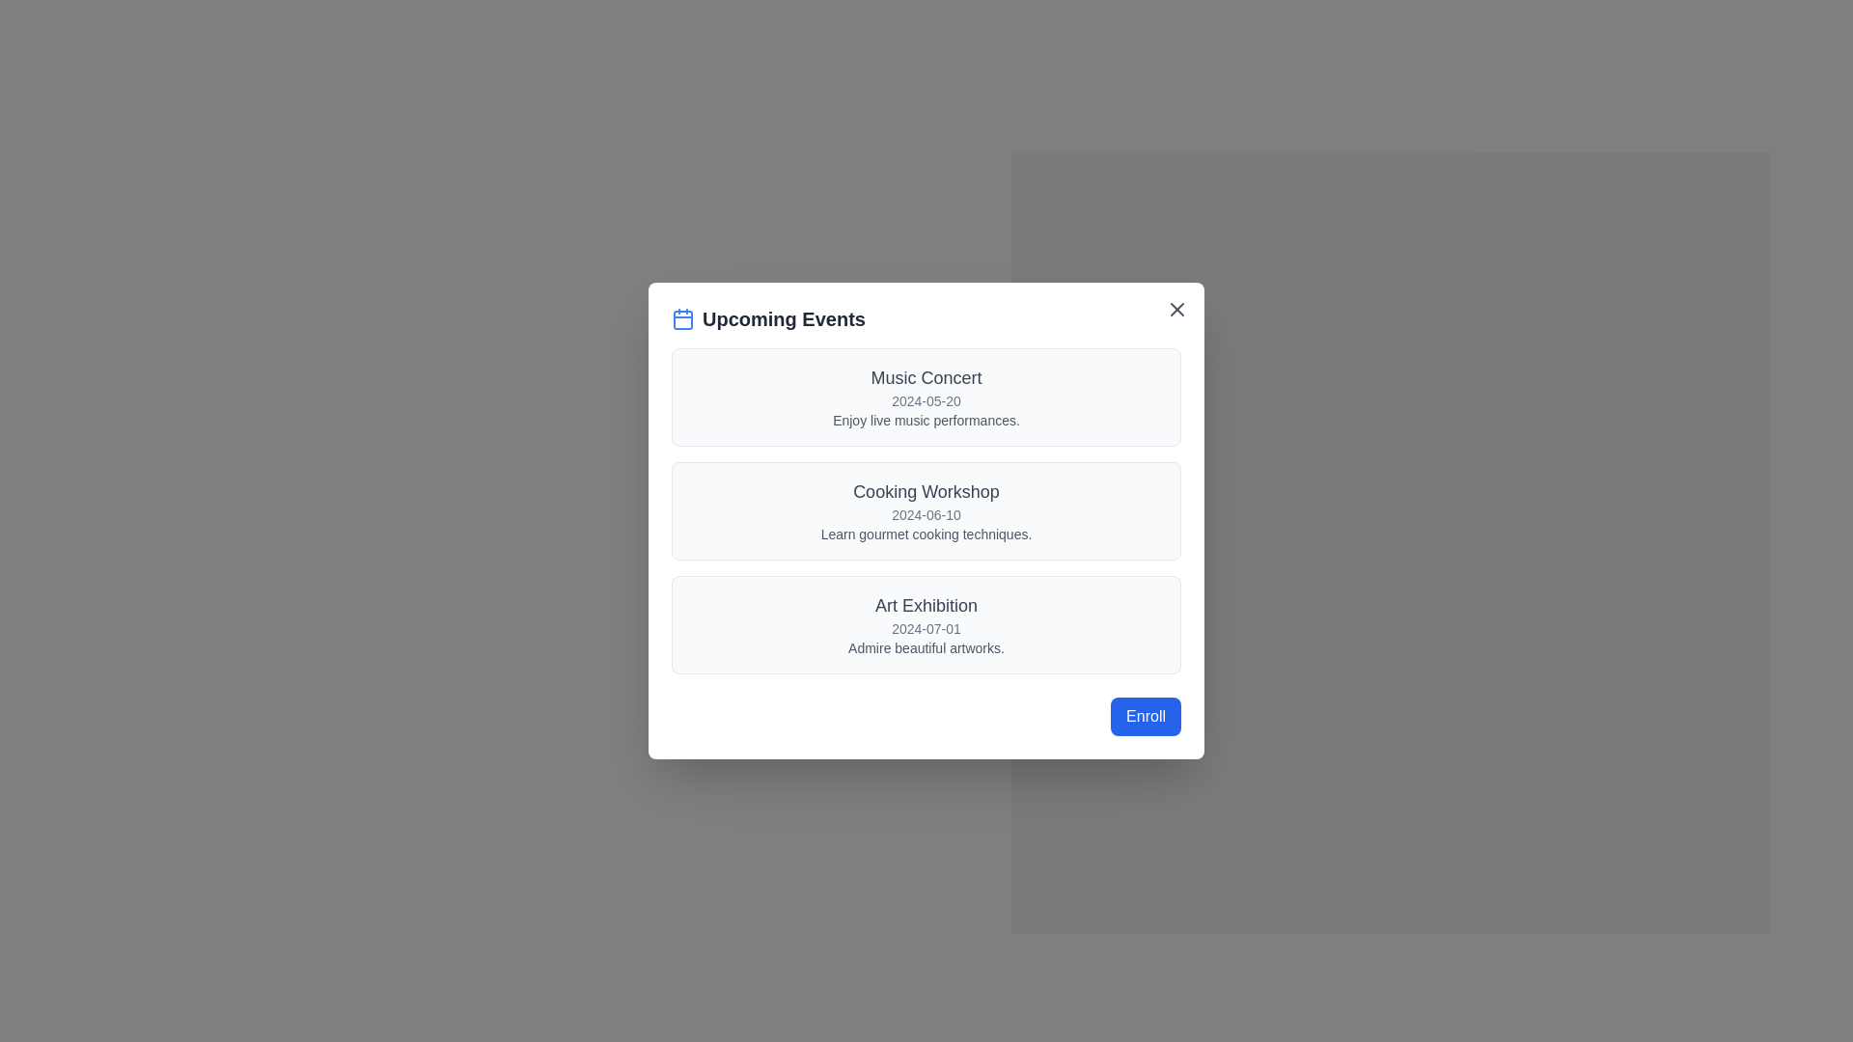 This screenshot has height=1042, width=1853. Describe the element at coordinates (683, 318) in the screenshot. I see `the blue calendar icon located to the left of the 'Upcoming Events' text as a visual cue` at that location.